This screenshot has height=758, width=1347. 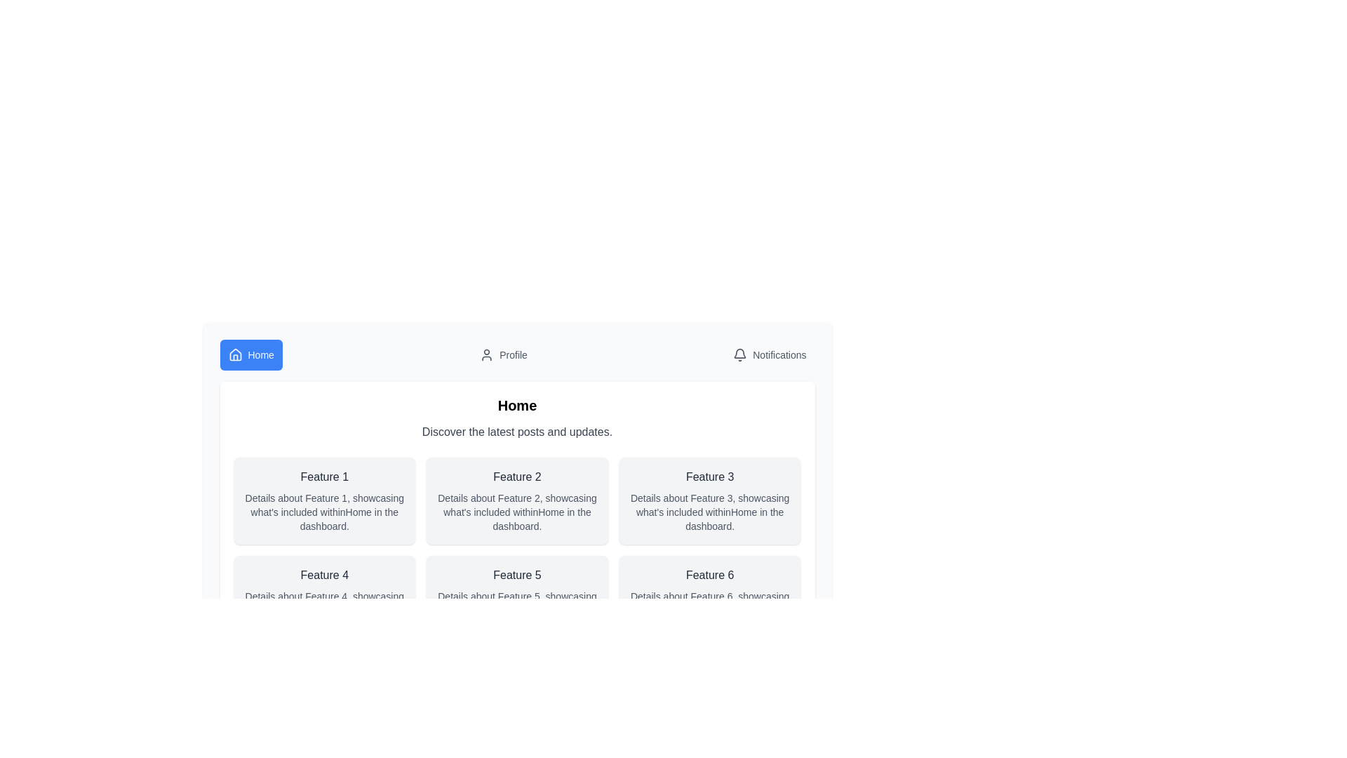 What do you see at coordinates (323, 476) in the screenshot?
I see `text label that displays 'Feature 1', which is styled with a medium-weight font in dark gray color, located at the top of a card layout under the 'Home' header` at bounding box center [323, 476].